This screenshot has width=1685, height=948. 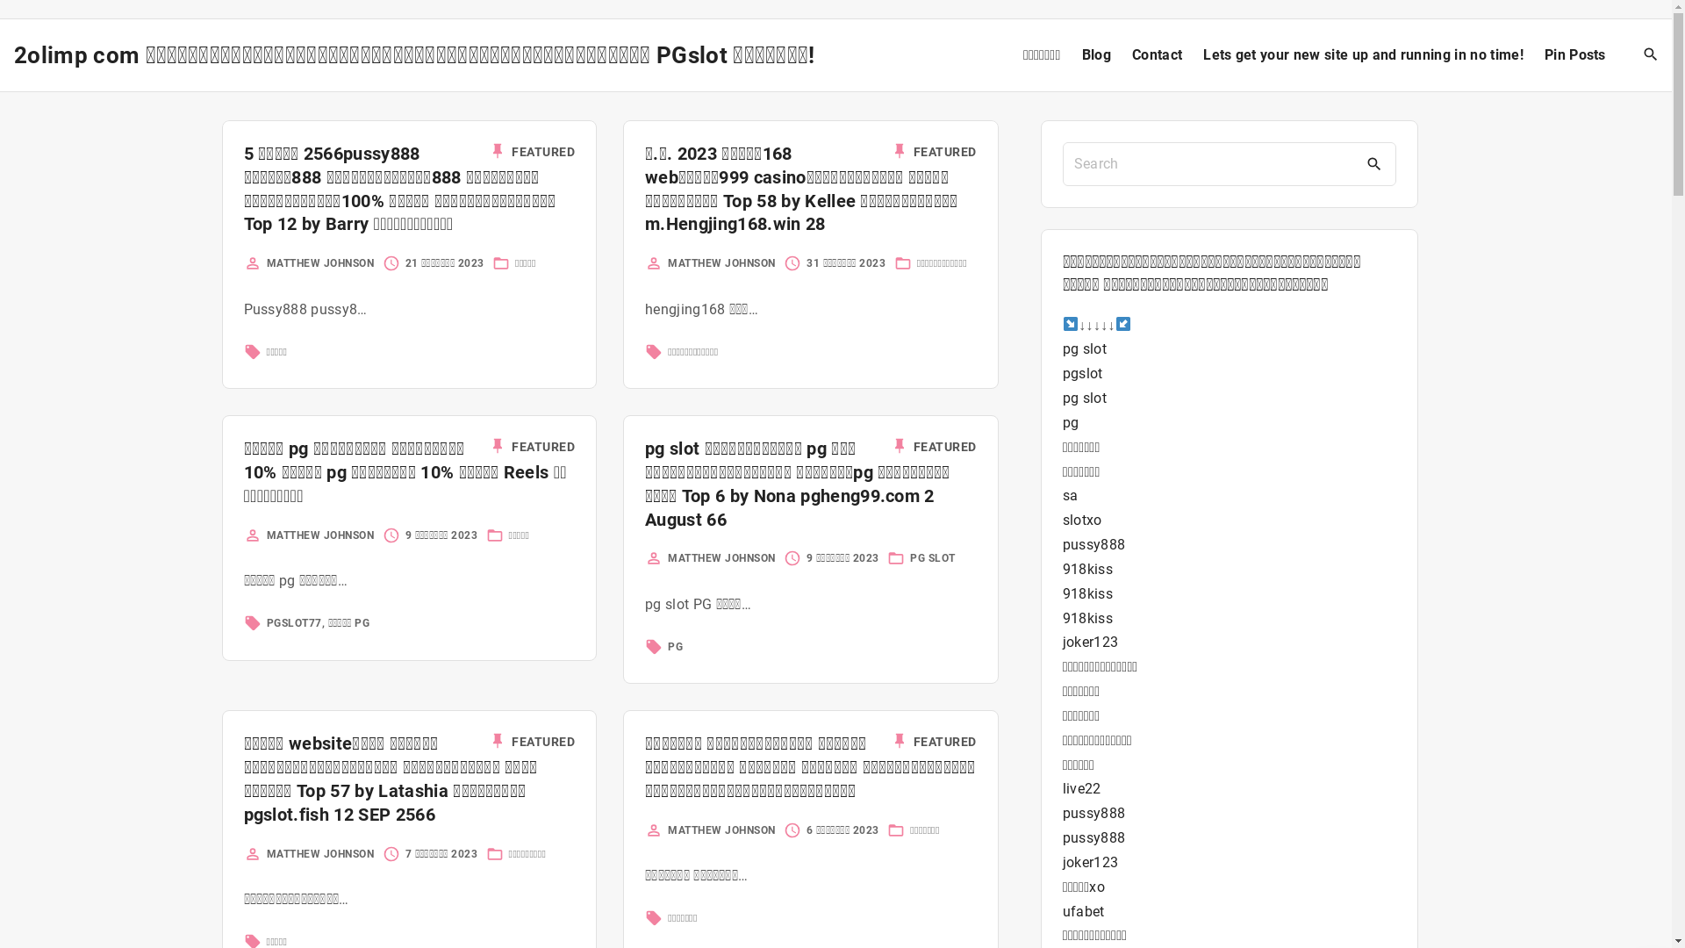 I want to click on 'MATTHEW JOHNSON', so click(x=721, y=263).